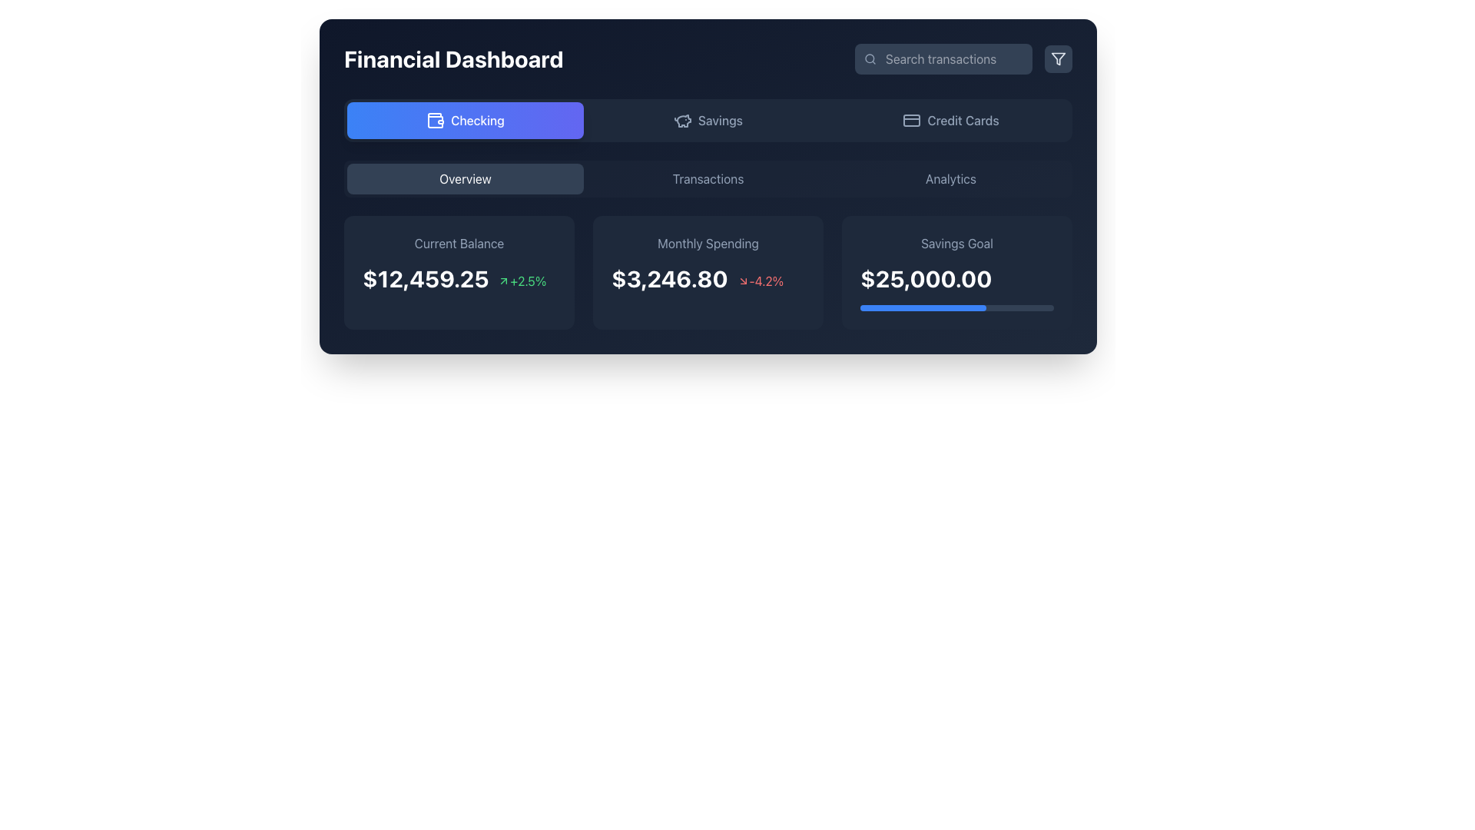 This screenshot has width=1475, height=830. I want to click on the 'Credit Cards' text label, which is positioned on the right-hand side within a navigation element, so click(962, 120).